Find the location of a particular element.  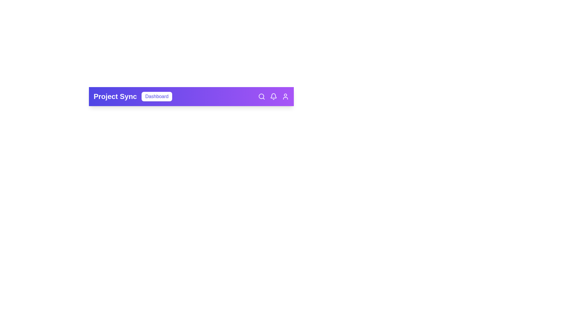

the 'Bell' icon in the EnhancedAppBar is located at coordinates (273, 96).